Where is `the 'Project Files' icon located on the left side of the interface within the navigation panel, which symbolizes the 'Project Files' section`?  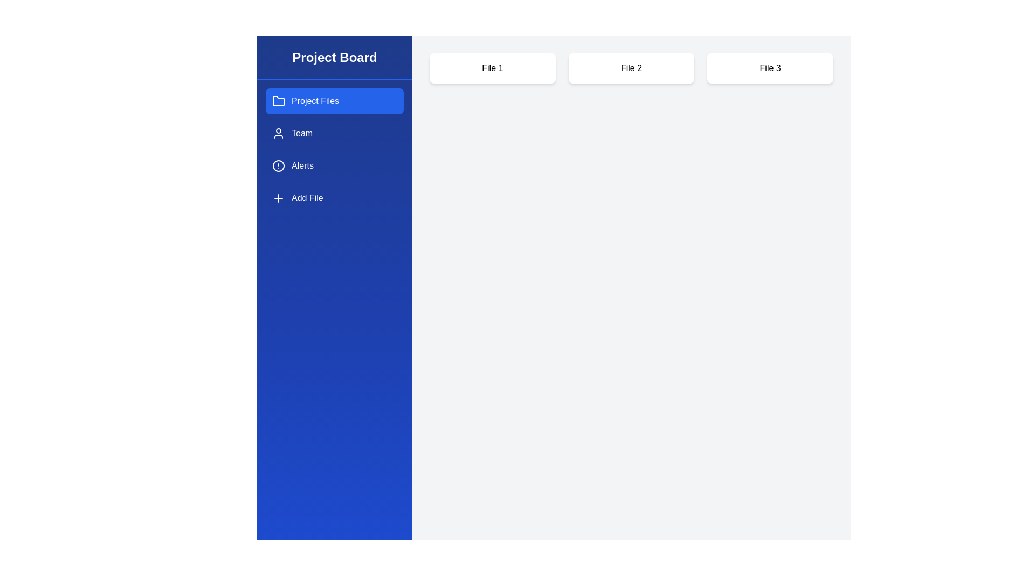 the 'Project Files' icon located on the left side of the interface within the navigation panel, which symbolizes the 'Project Files' section is located at coordinates (279, 101).